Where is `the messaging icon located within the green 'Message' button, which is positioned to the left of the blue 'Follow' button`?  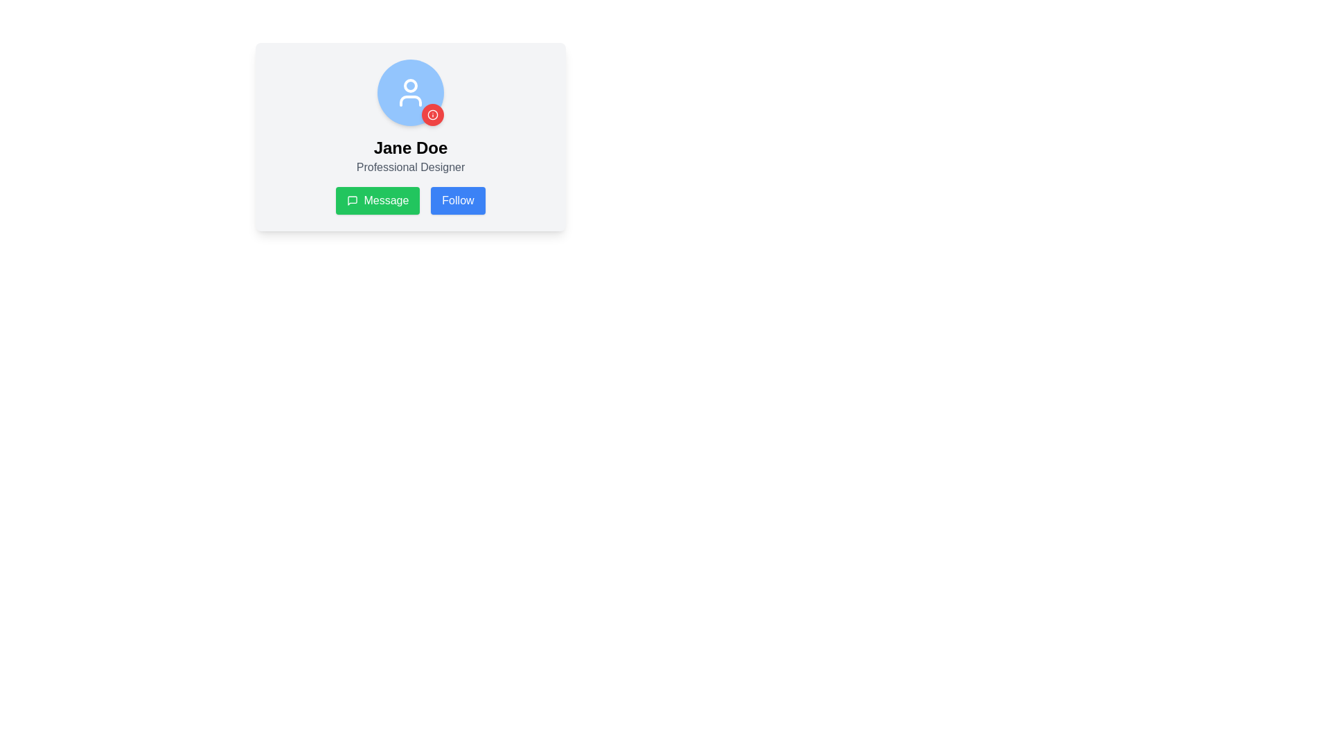 the messaging icon located within the green 'Message' button, which is positioned to the left of the blue 'Follow' button is located at coordinates (353, 200).